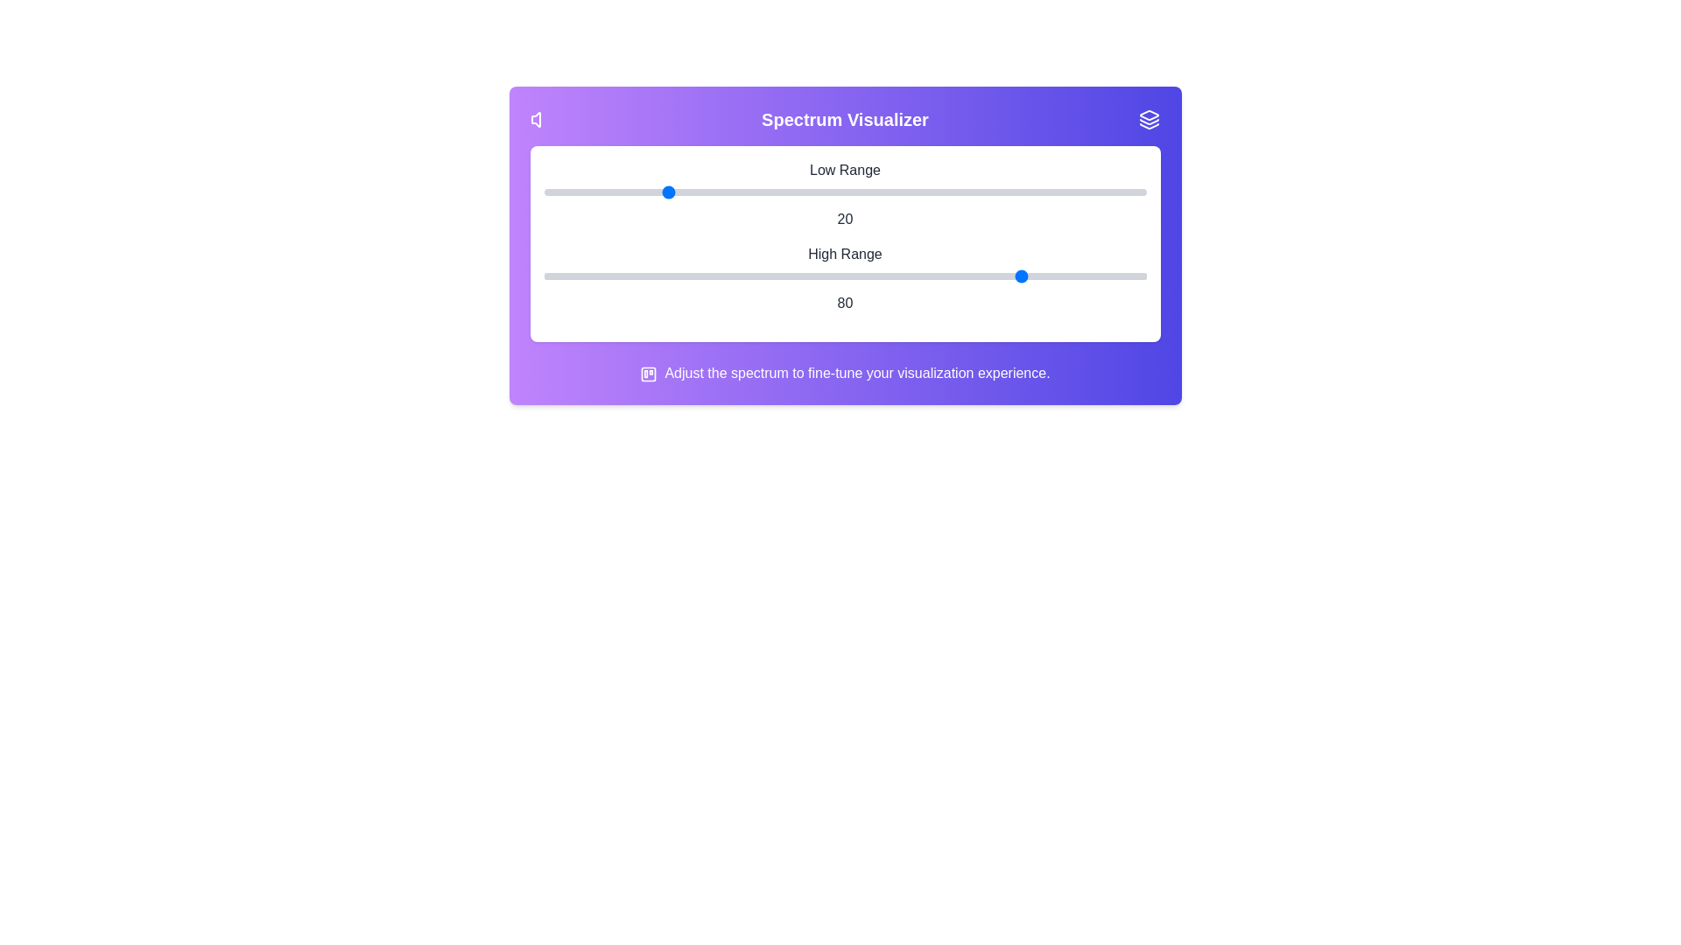 The image size is (1681, 945). I want to click on the low range slider to 35, so click(755, 192).